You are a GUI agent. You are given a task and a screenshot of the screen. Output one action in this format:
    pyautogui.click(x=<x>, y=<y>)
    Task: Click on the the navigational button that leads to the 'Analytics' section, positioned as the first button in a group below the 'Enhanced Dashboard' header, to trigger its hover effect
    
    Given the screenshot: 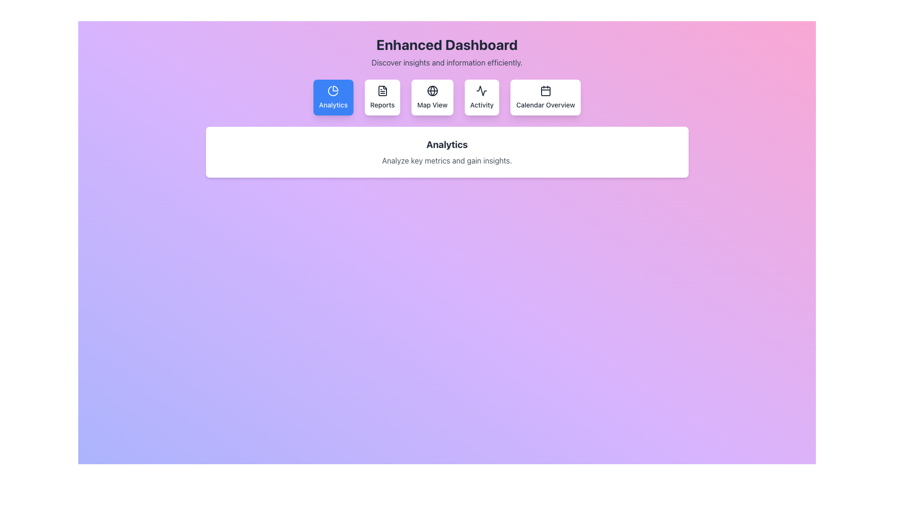 What is the action you would take?
    pyautogui.click(x=333, y=98)
    